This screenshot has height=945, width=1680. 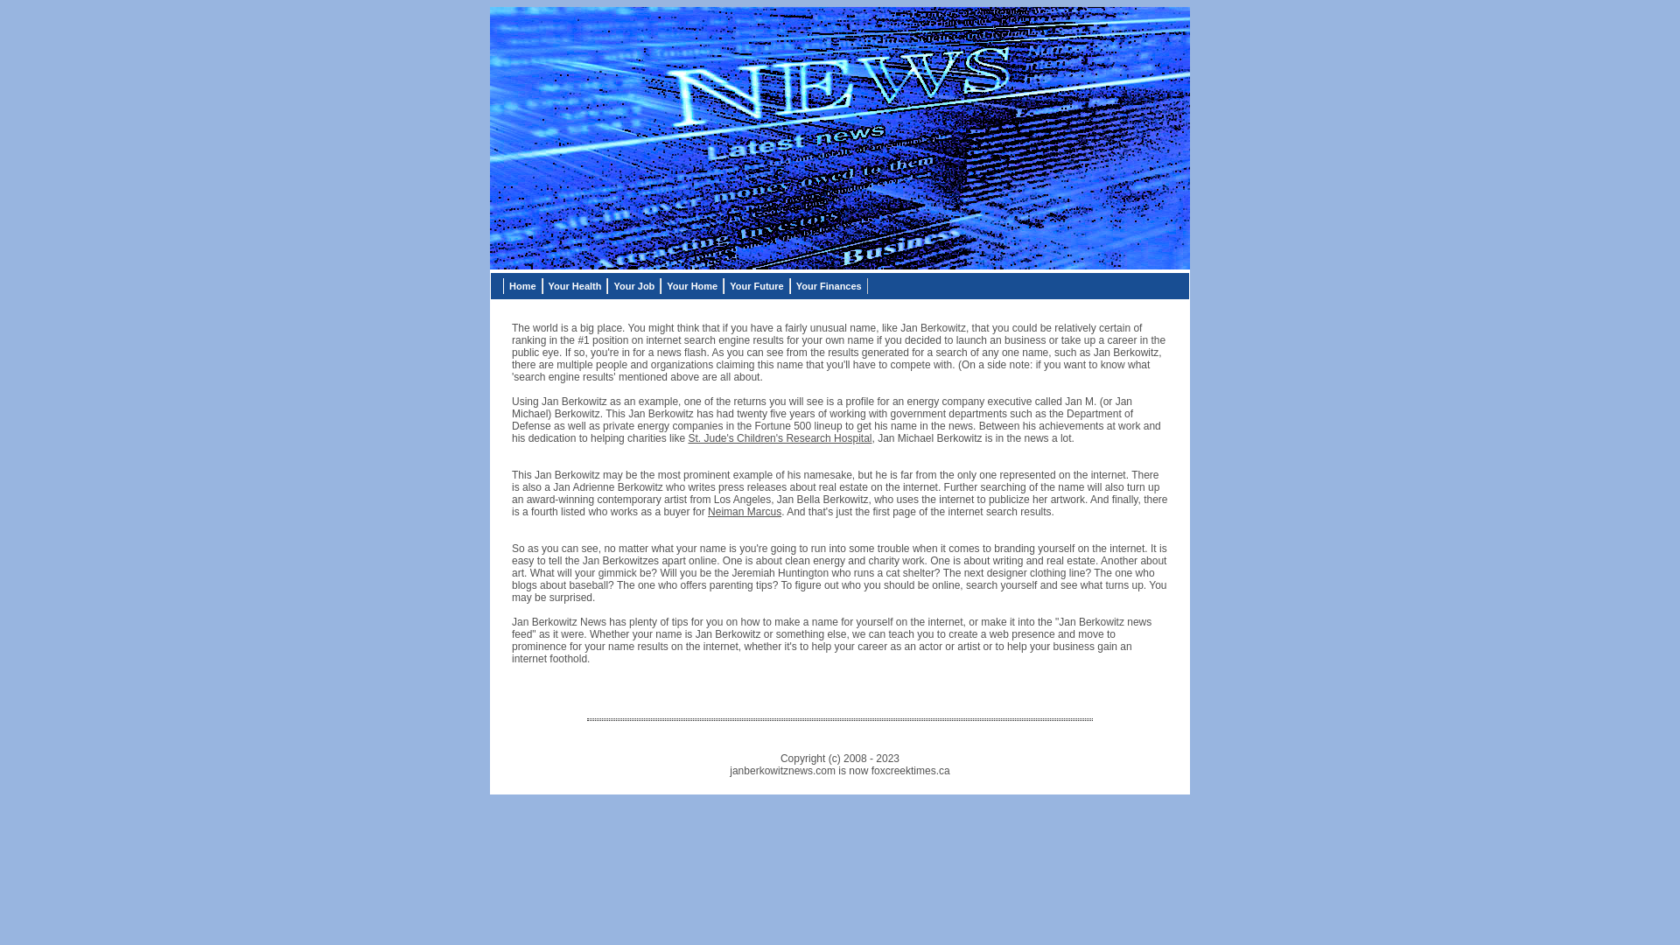 What do you see at coordinates (723, 285) in the screenshot?
I see `'Your Future'` at bounding box center [723, 285].